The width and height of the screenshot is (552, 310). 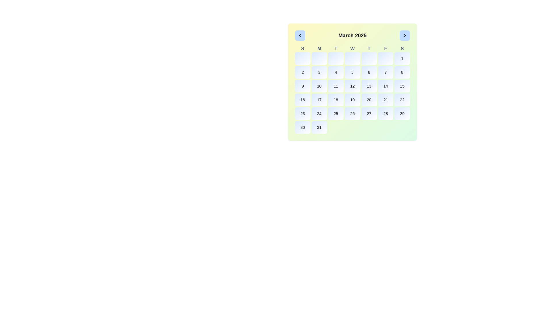 What do you see at coordinates (369, 86) in the screenshot?
I see `the button displaying the date '13' in the calendar grid` at bounding box center [369, 86].